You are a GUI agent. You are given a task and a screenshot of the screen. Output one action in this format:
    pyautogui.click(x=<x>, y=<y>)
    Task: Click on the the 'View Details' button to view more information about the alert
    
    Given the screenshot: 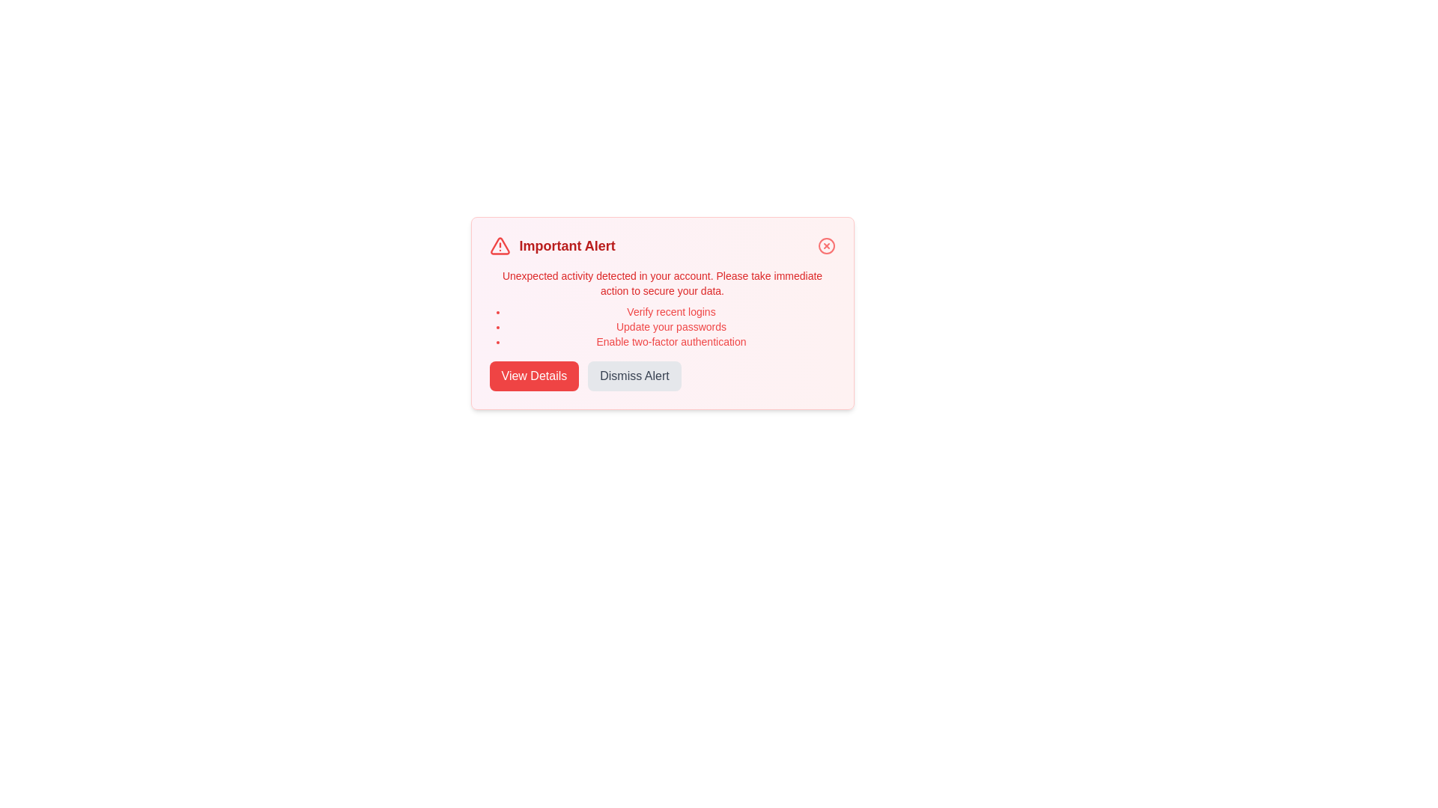 What is the action you would take?
    pyautogui.click(x=534, y=375)
    